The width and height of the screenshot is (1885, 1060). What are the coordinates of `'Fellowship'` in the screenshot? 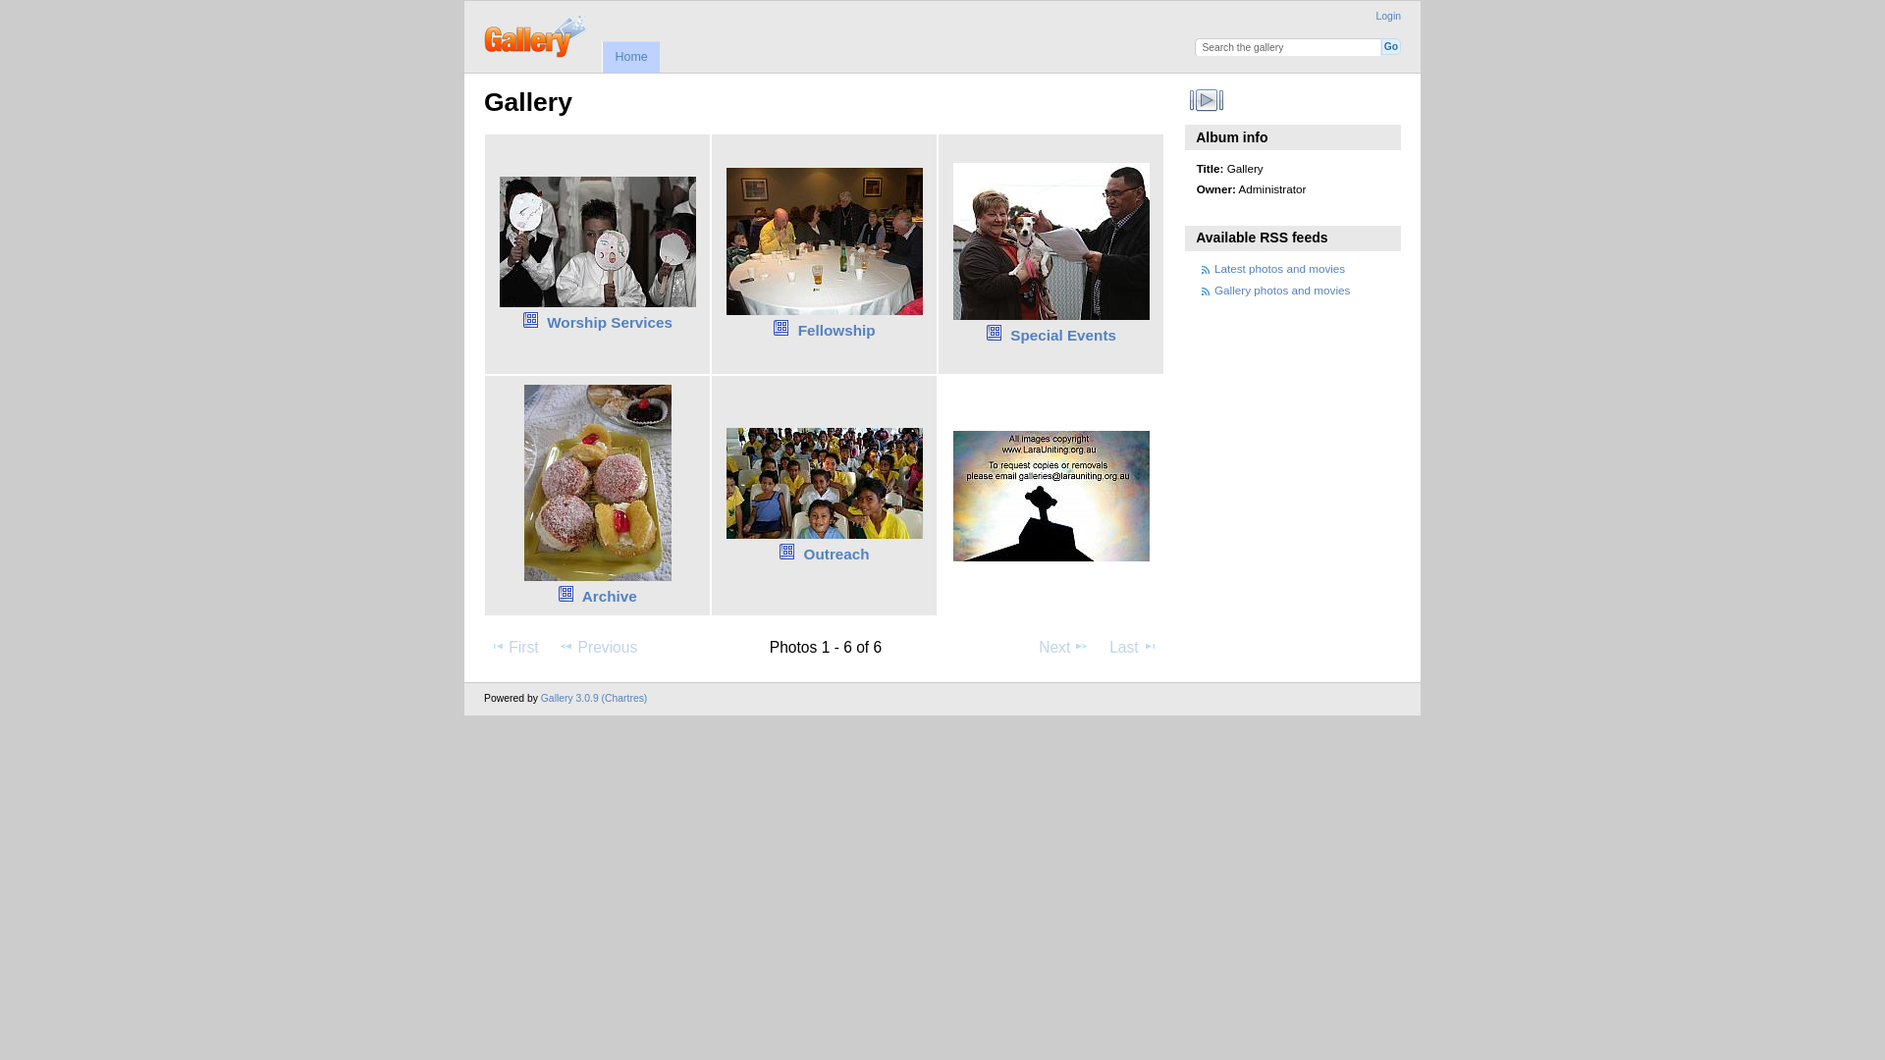 It's located at (836, 329).